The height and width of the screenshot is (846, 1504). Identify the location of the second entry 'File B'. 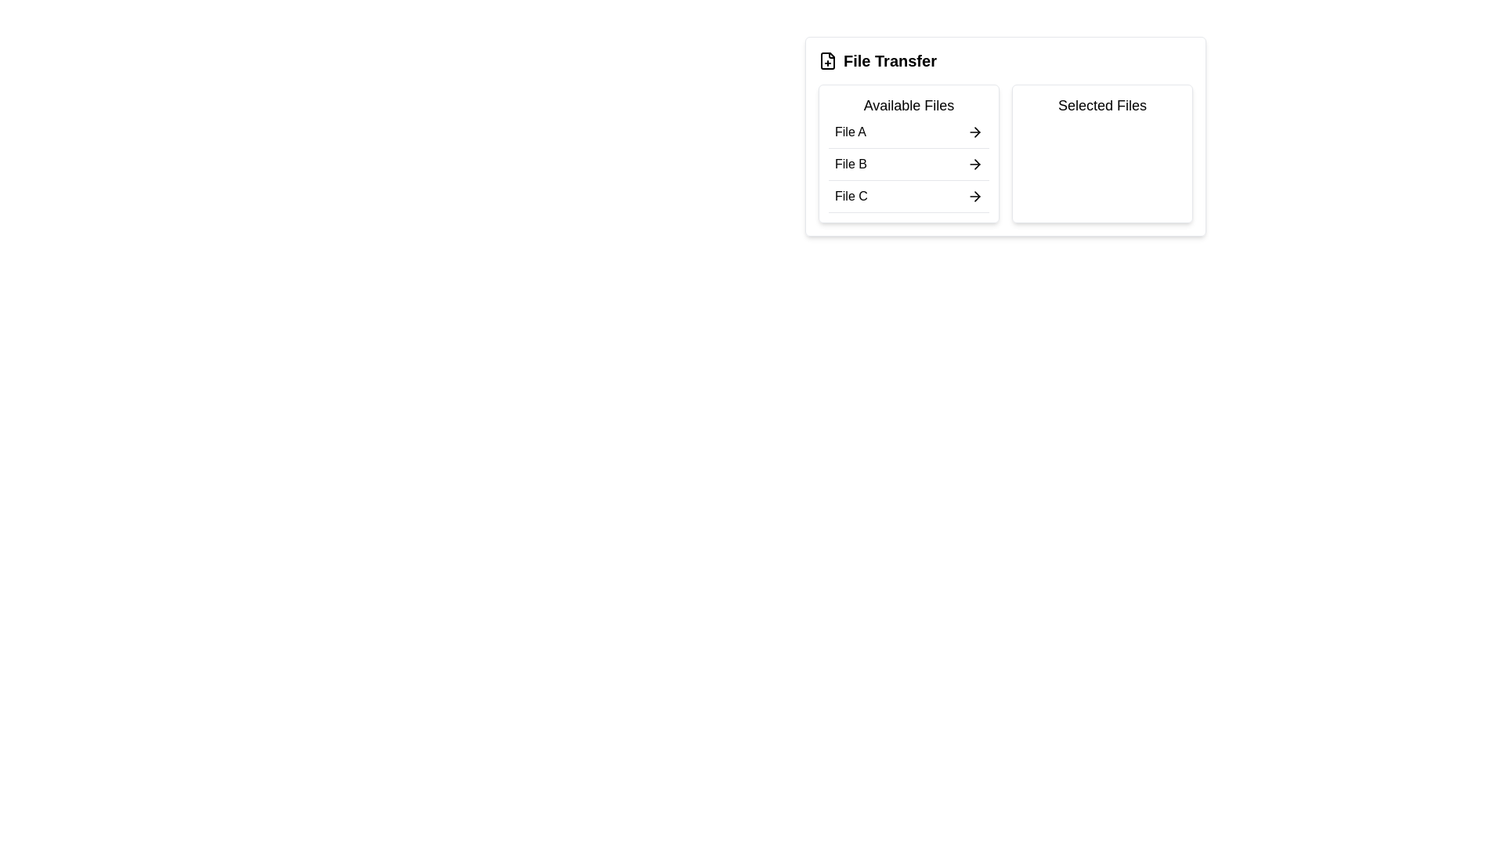
(909, 154).